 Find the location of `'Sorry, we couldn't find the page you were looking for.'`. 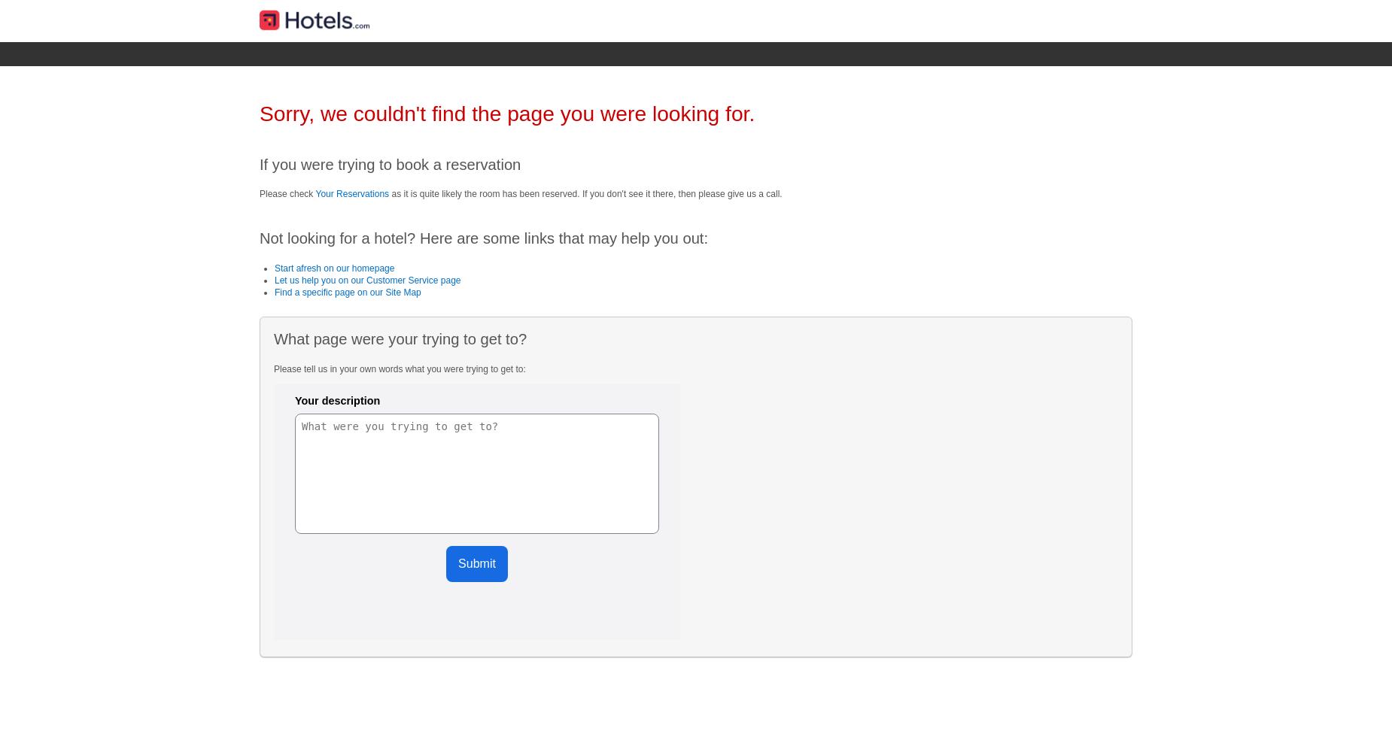

'Sorry, we couldn't find the page you were looking for.' is located at coordinates (506, 114).